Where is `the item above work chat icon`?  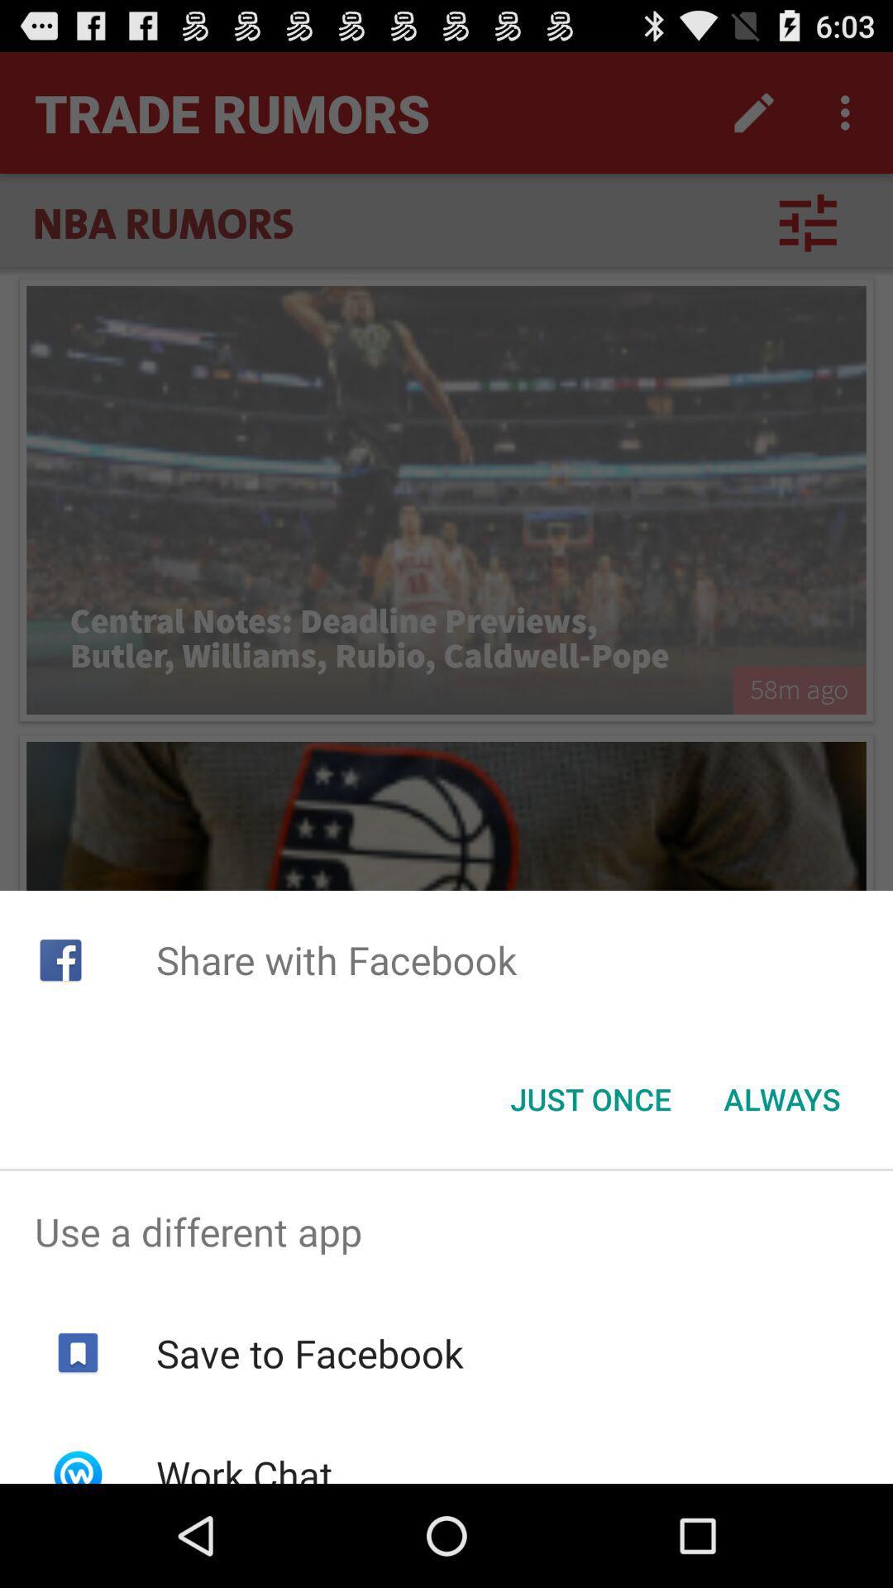 the item above work chat icon is located at coordinates (309, 1353).